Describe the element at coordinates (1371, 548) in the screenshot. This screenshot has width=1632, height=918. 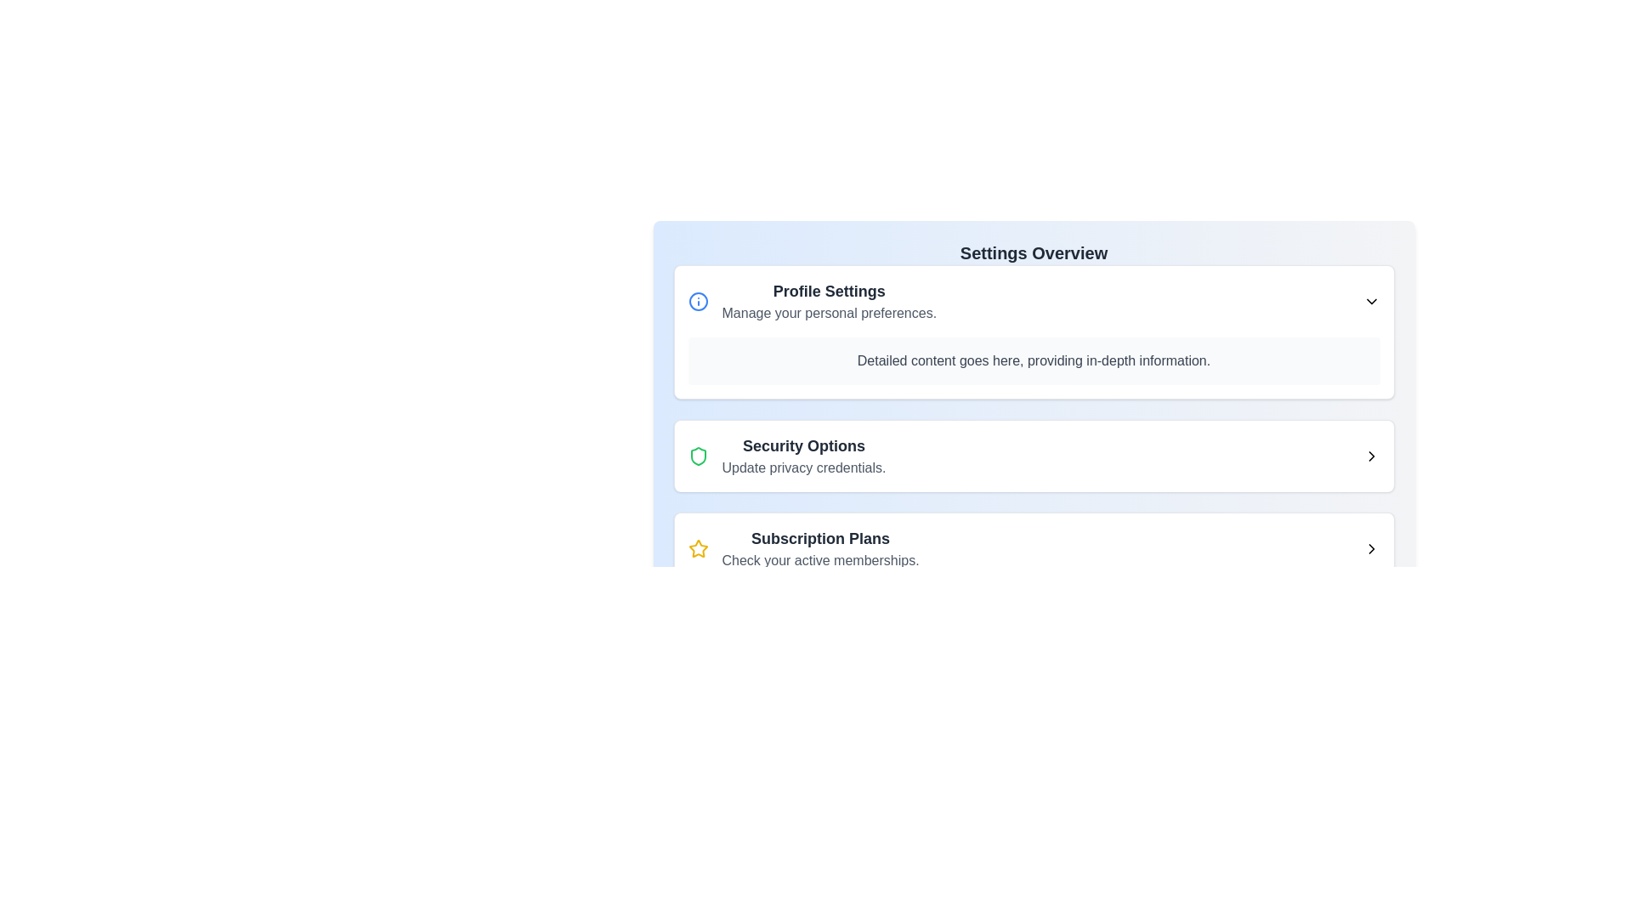
I see `the chevron button located to the far-right of the 'Subscription Plans' section, next to the text 'Check your active memberships'` at that location.